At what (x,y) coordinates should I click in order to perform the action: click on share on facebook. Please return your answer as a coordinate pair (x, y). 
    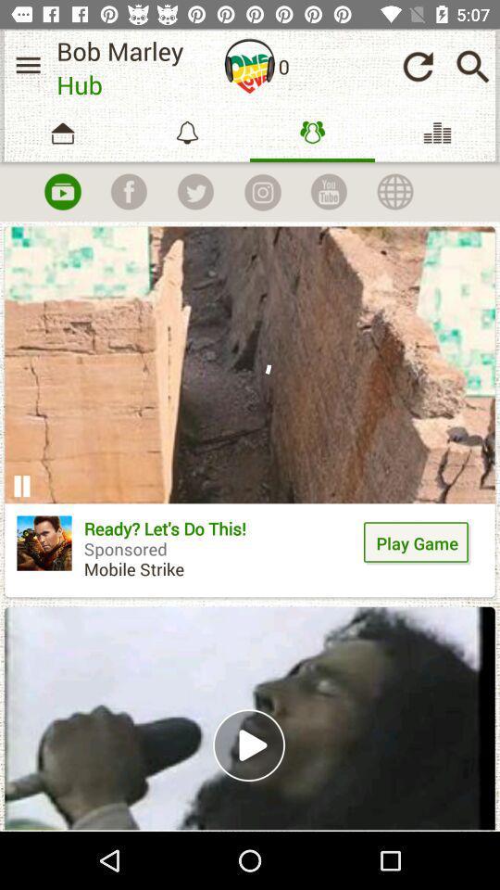
    Looking at the image, I should click on (128, 192).